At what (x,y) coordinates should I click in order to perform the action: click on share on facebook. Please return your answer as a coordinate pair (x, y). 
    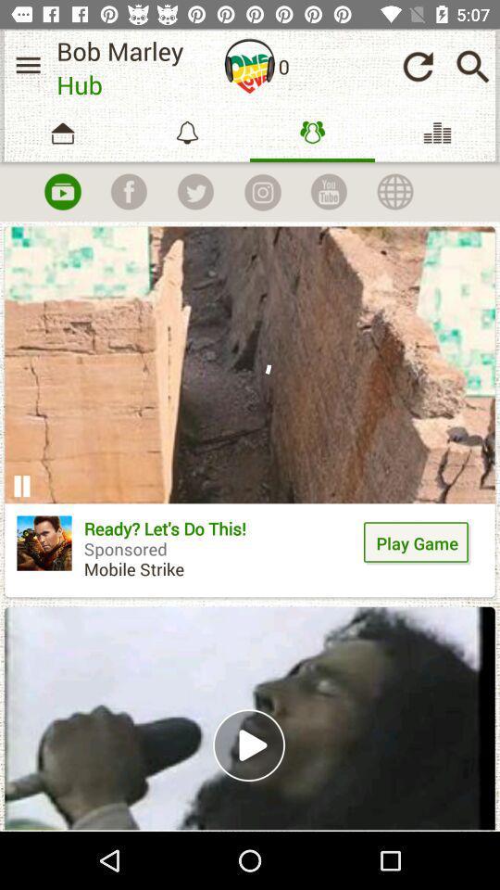
    Looking at the image, I should click on (128, 192).